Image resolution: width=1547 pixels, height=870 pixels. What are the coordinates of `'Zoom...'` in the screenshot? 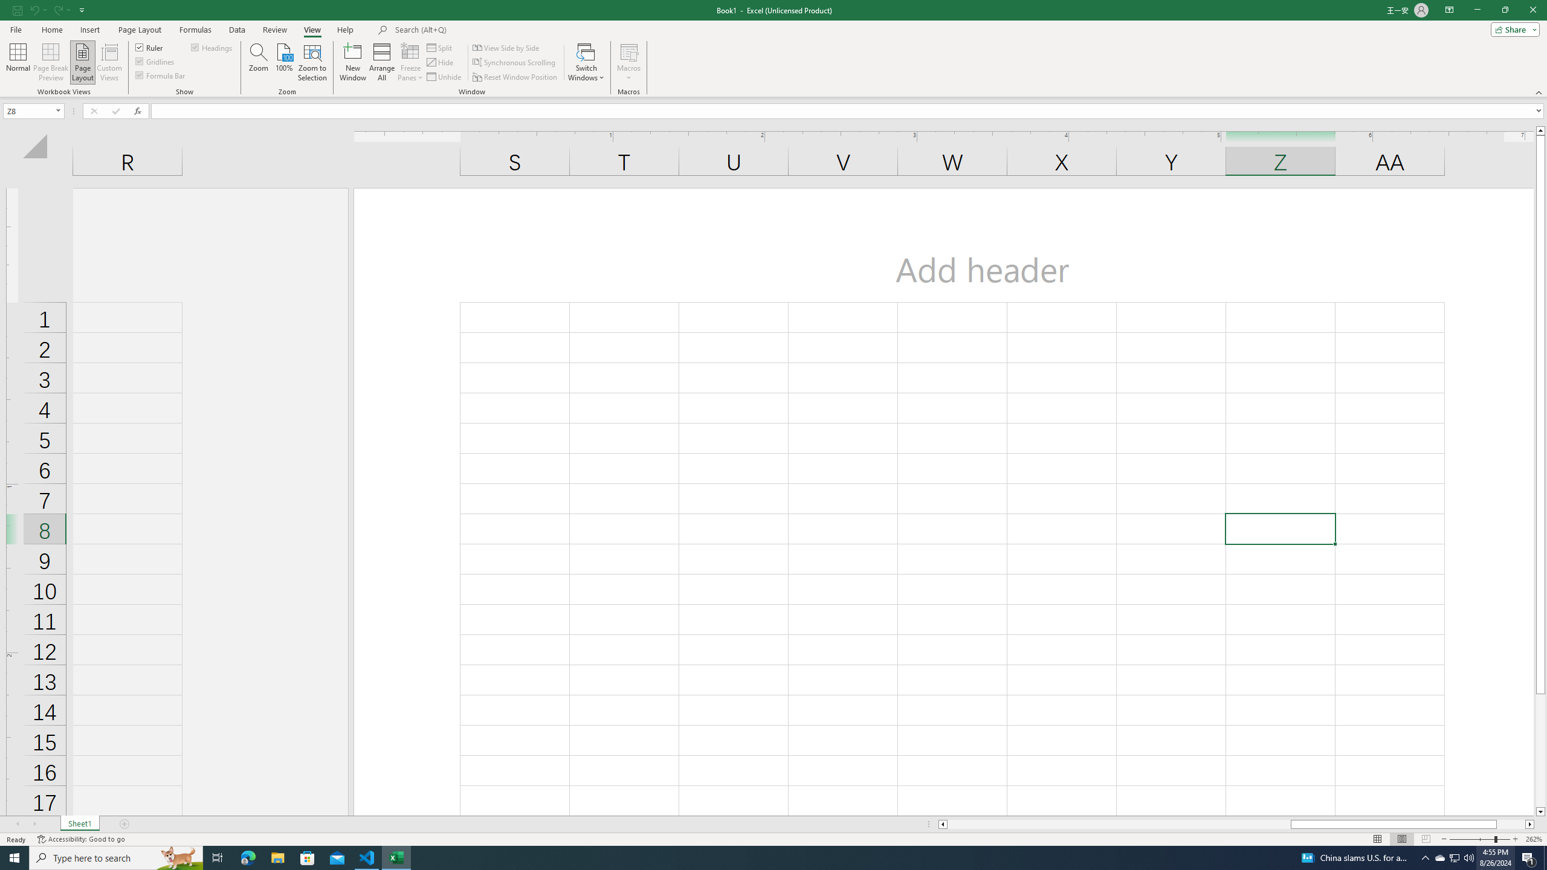 It's located at (258, 62).